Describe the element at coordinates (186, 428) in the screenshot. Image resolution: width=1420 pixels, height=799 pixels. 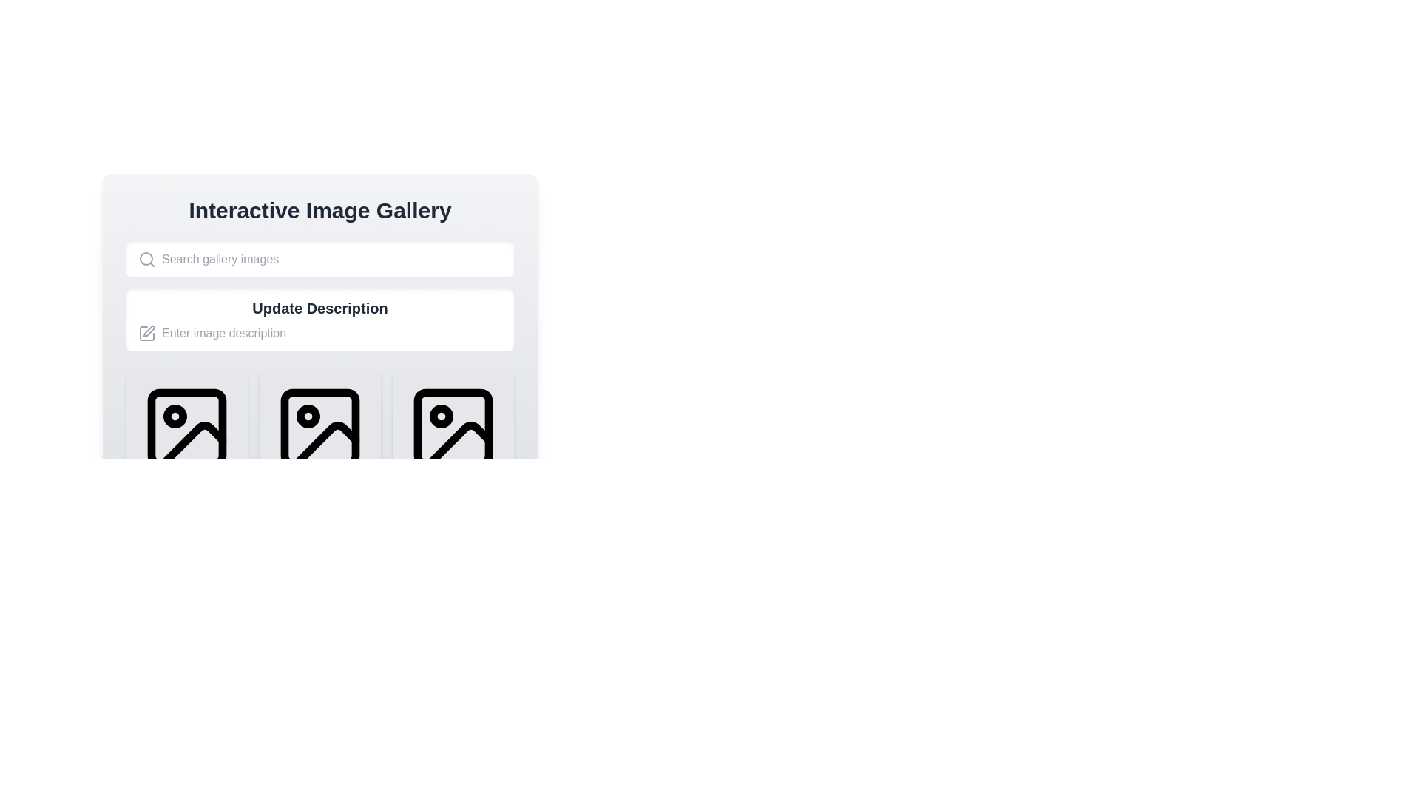
I see `the SVG icon located in the top-left corner of the grid of image cards, which represents 'Image 1' with a gray background and rounded corners` at that location.